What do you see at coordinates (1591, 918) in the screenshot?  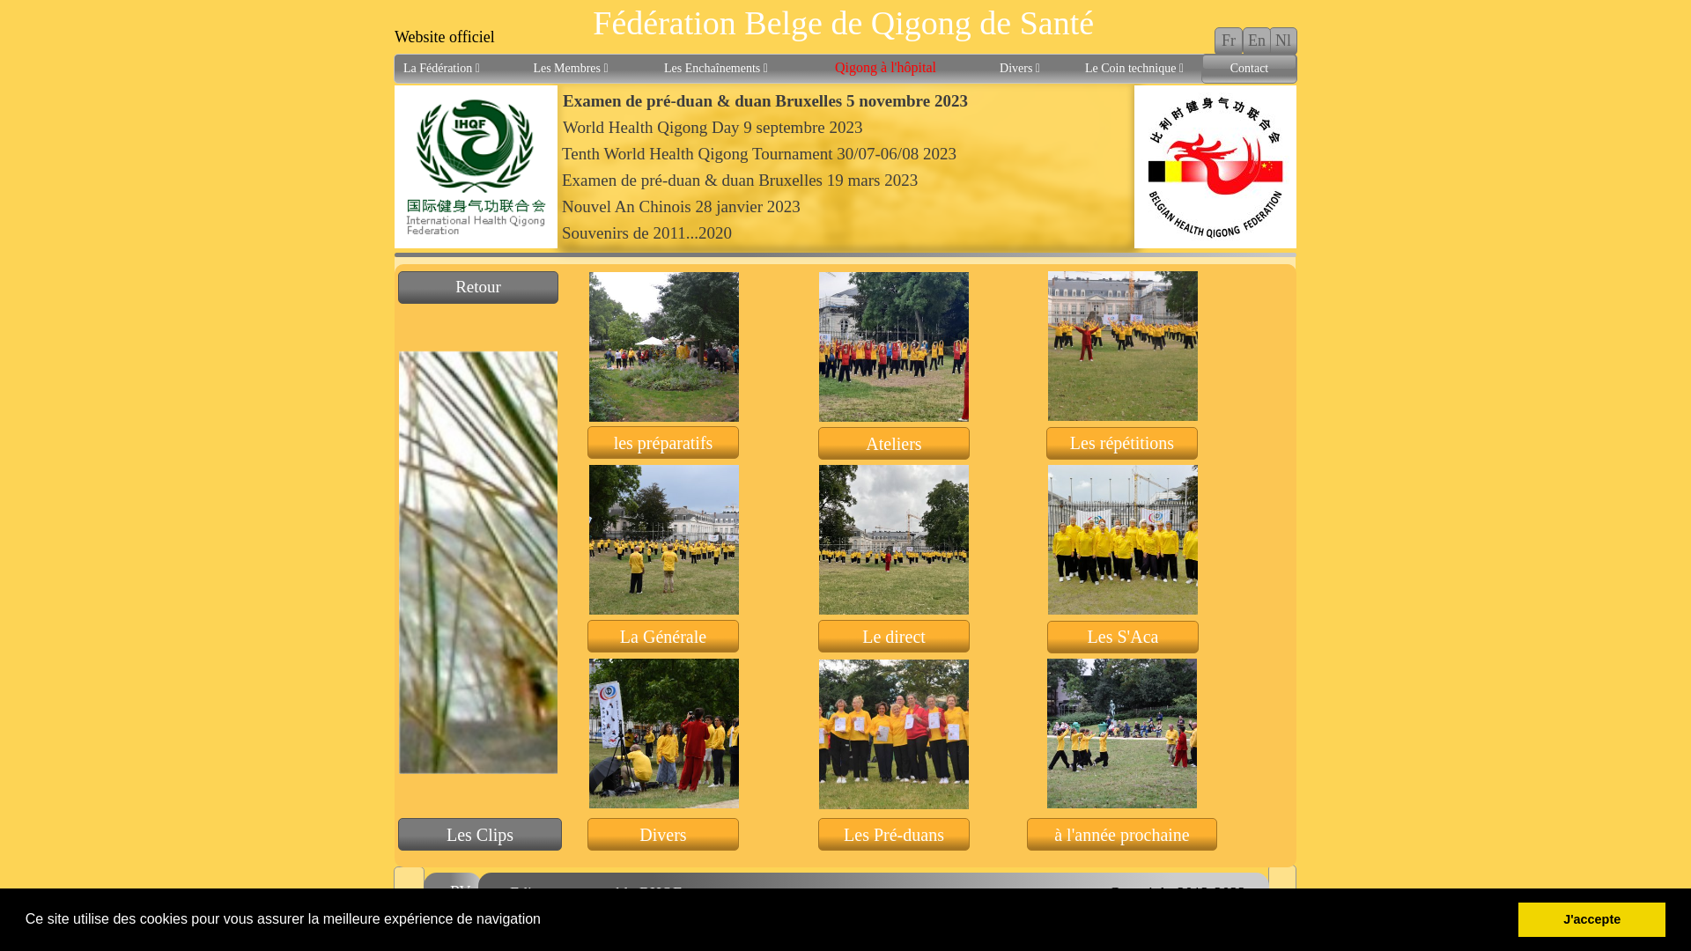 I see `'J'accepte'` at bounding box center [1591, 918].